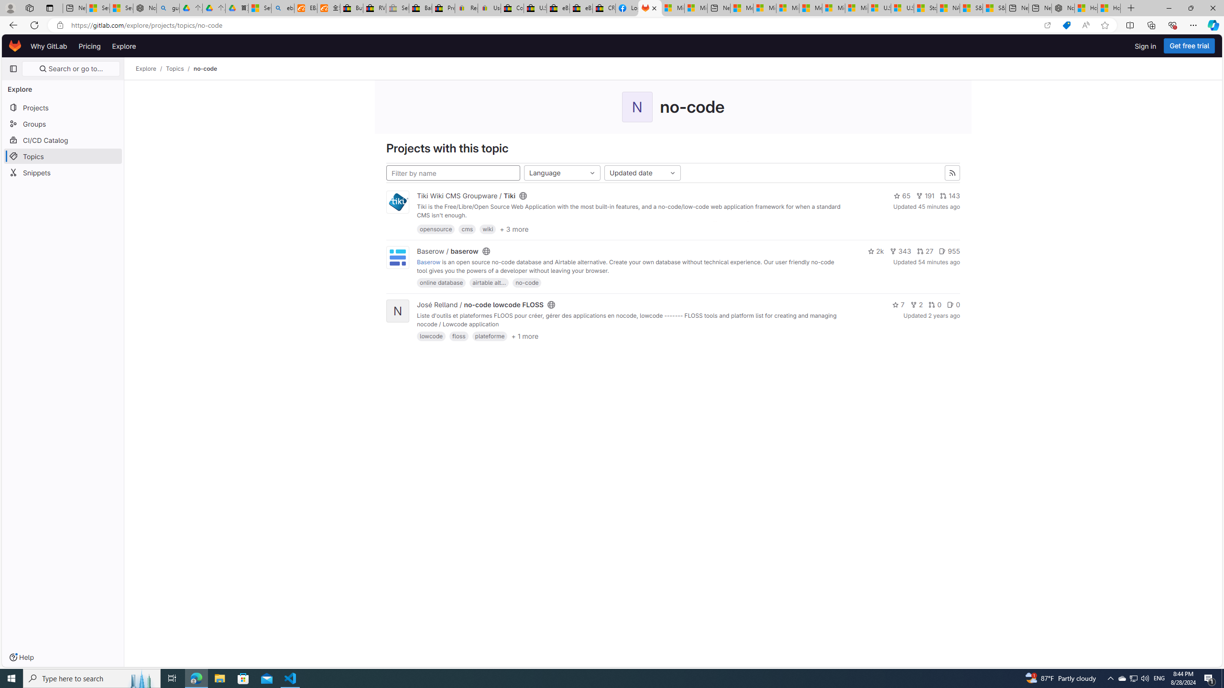  Describe the element at coordinates (397, 8) in the screenshot. I see `'Sell worldwide with eBay - Sleeping'` at that location.